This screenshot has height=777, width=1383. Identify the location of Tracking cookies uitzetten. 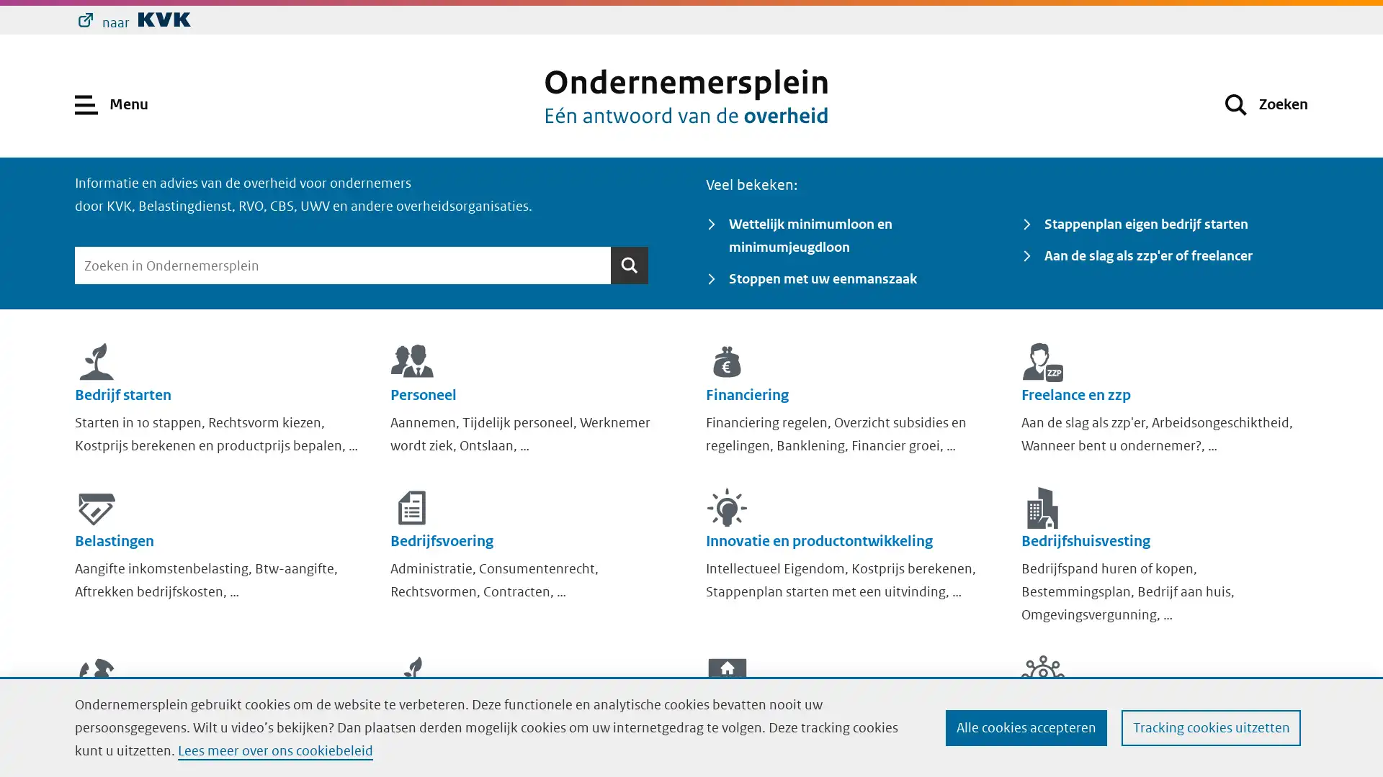
(1210, 727).